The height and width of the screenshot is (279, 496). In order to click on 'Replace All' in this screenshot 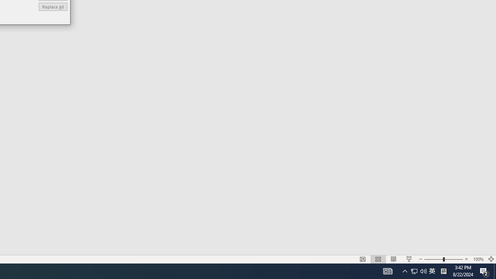, I will do `click(52, 7)`.